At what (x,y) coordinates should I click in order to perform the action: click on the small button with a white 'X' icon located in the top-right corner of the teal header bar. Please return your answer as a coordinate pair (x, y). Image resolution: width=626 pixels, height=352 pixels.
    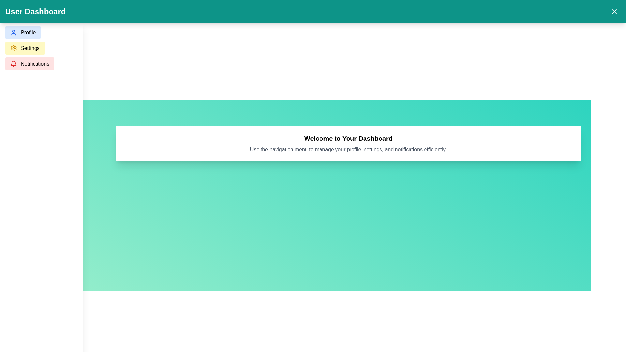
    Looking at the image, I should click on (614, 11).